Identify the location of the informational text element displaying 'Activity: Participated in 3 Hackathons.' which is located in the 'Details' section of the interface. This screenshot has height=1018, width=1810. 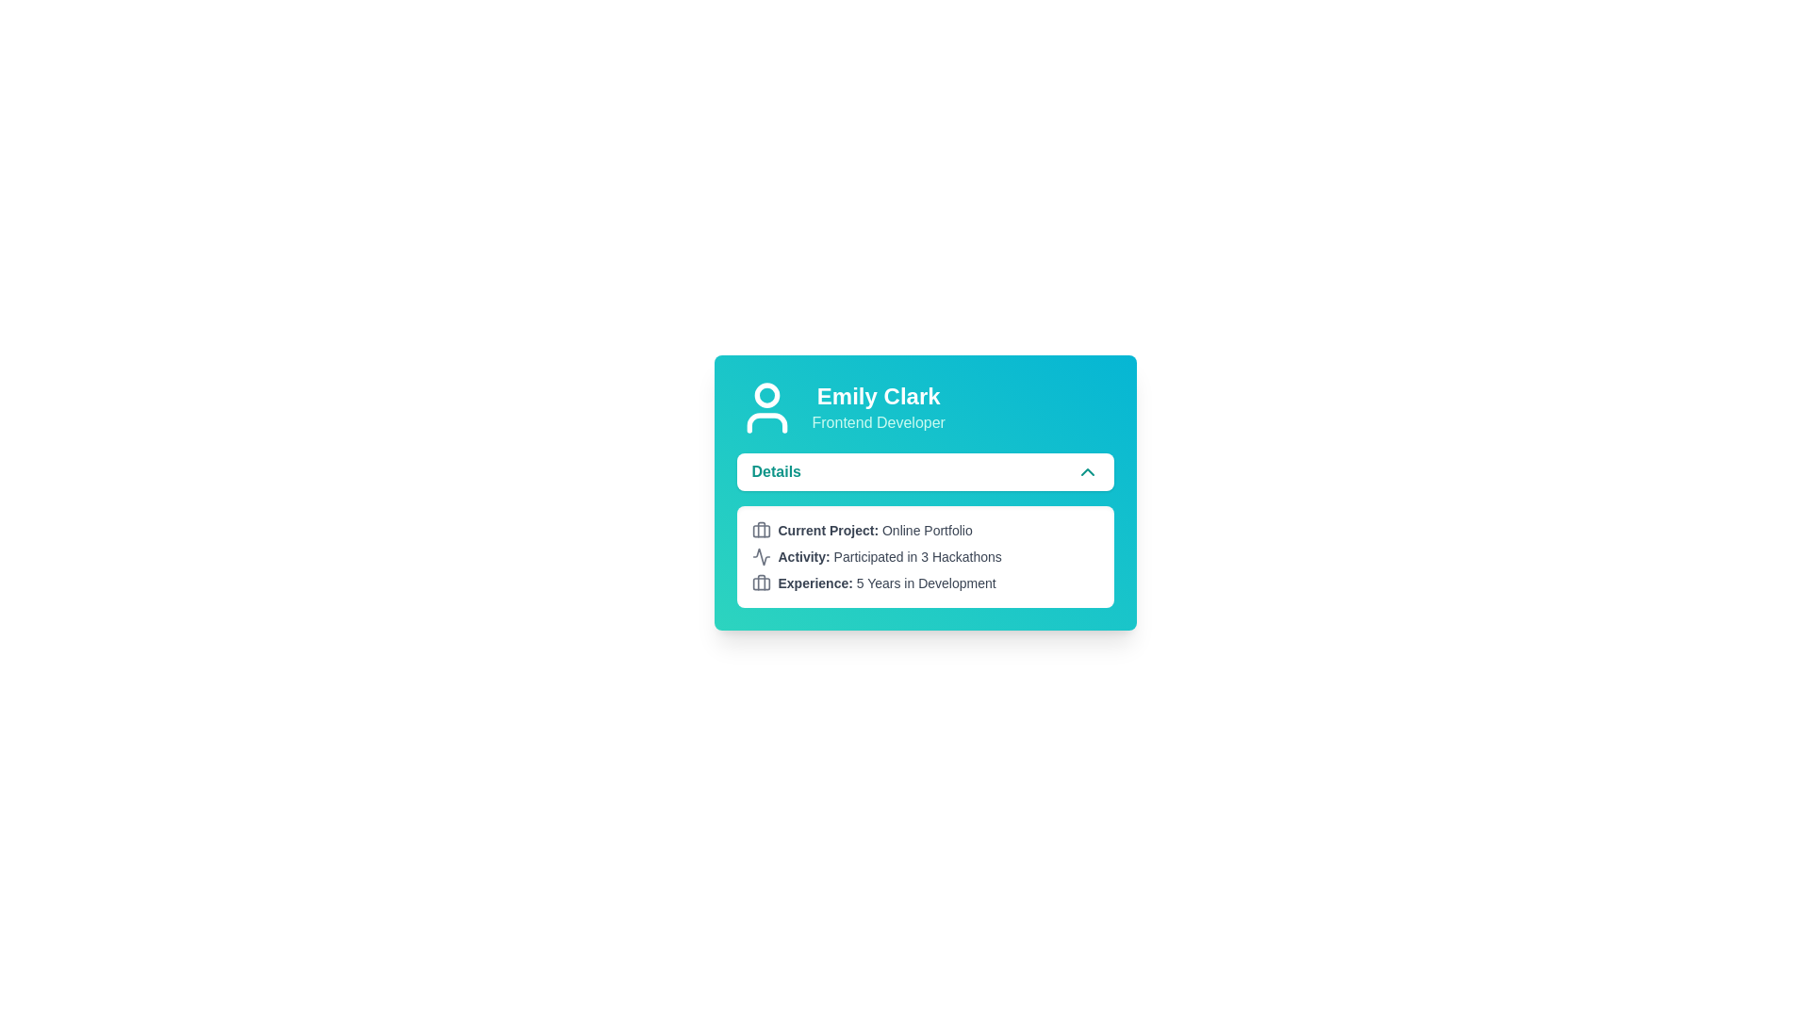
(925, 555).